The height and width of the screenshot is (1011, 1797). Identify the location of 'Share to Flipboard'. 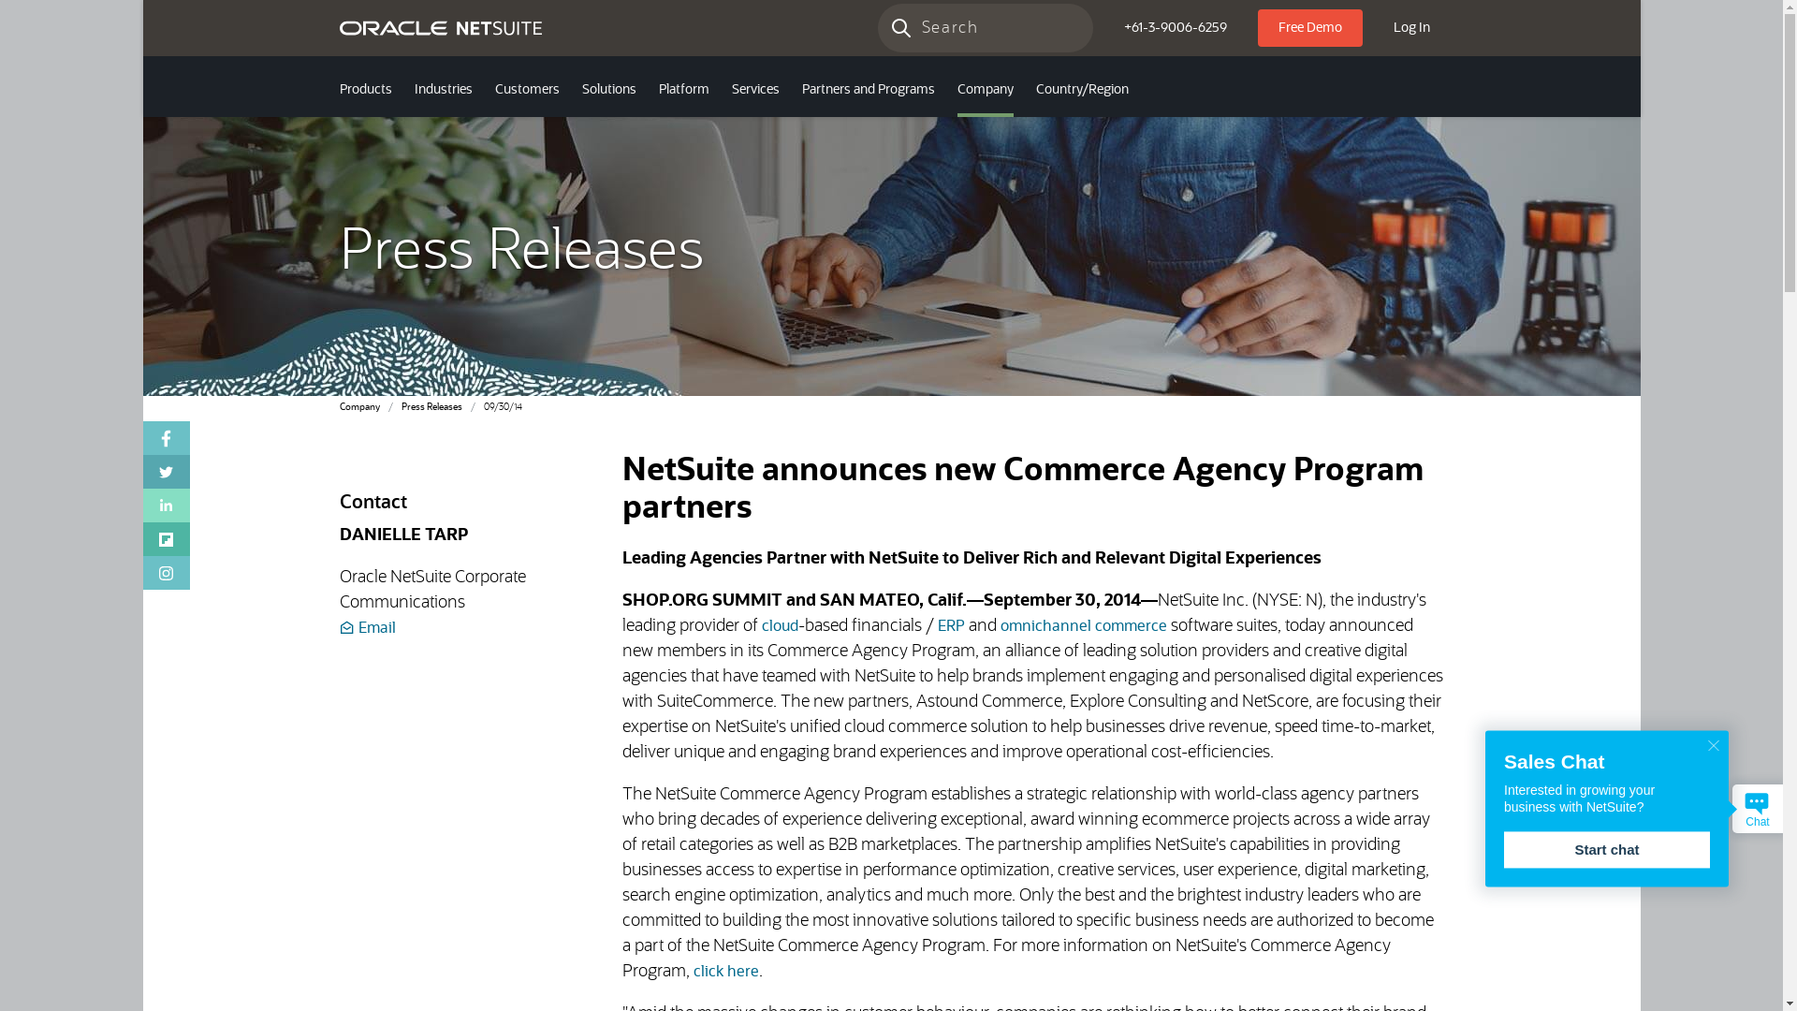
(166, 538).